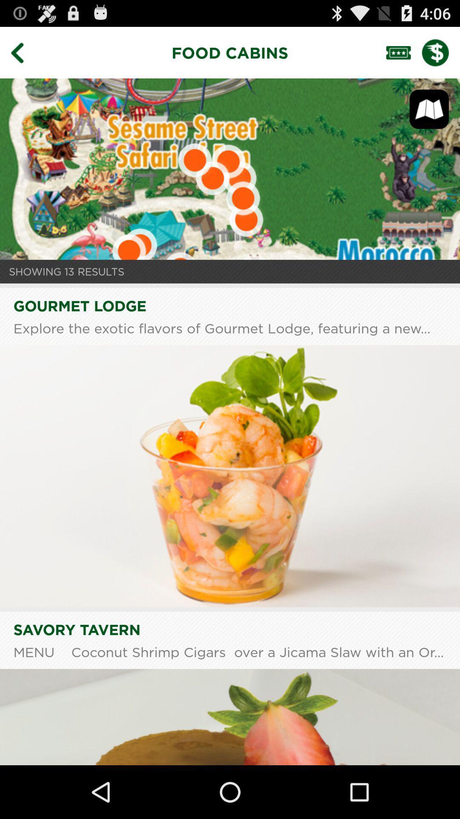 This screenshot has height=819, width=460. What do you see at coordinates (23, 56) in the screenshot?
I see `the arrow_backward icon` at bounding box center [23, 56].